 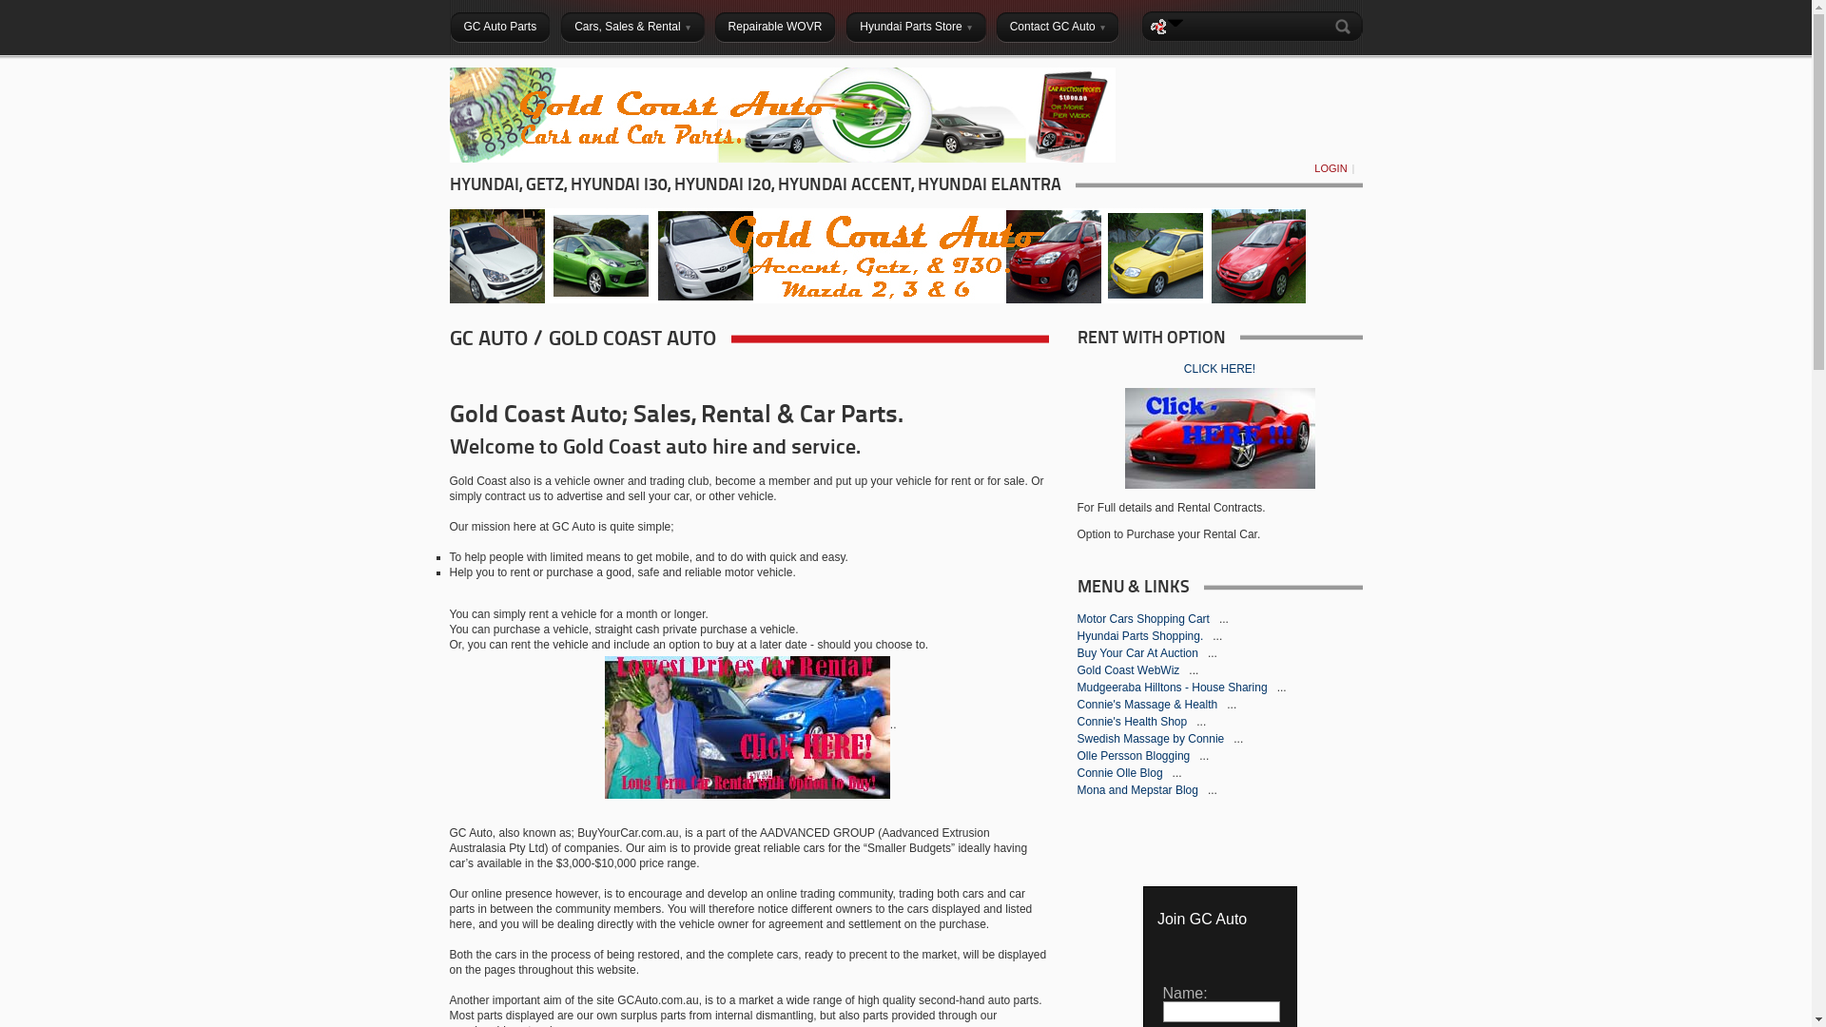 I want to click on 'Contact GC Auto', so click(x=1057, y=26).